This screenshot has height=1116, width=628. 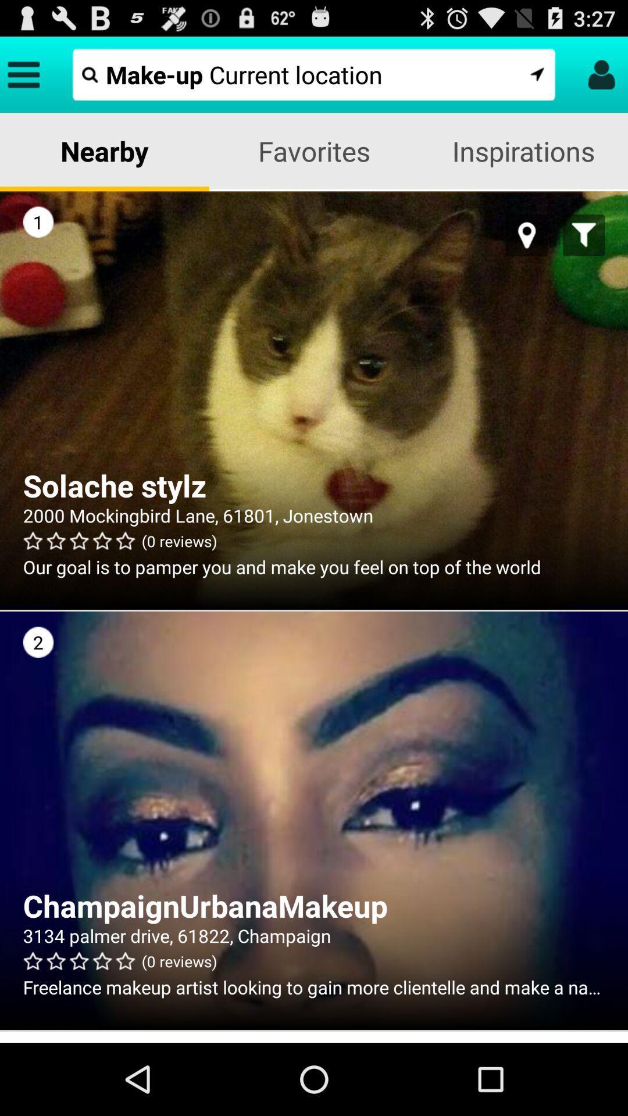 What do you see at coordinates (314, 514) in the screenshot?
I see `icon above the (0 reviews) item` at bounding box center [314, 514].